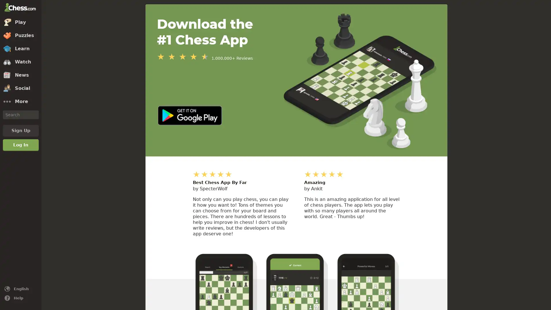  What do you see at coordinates (276, 289) in the screenshot?
I see `Play Now` at bounding box center [276, 289].